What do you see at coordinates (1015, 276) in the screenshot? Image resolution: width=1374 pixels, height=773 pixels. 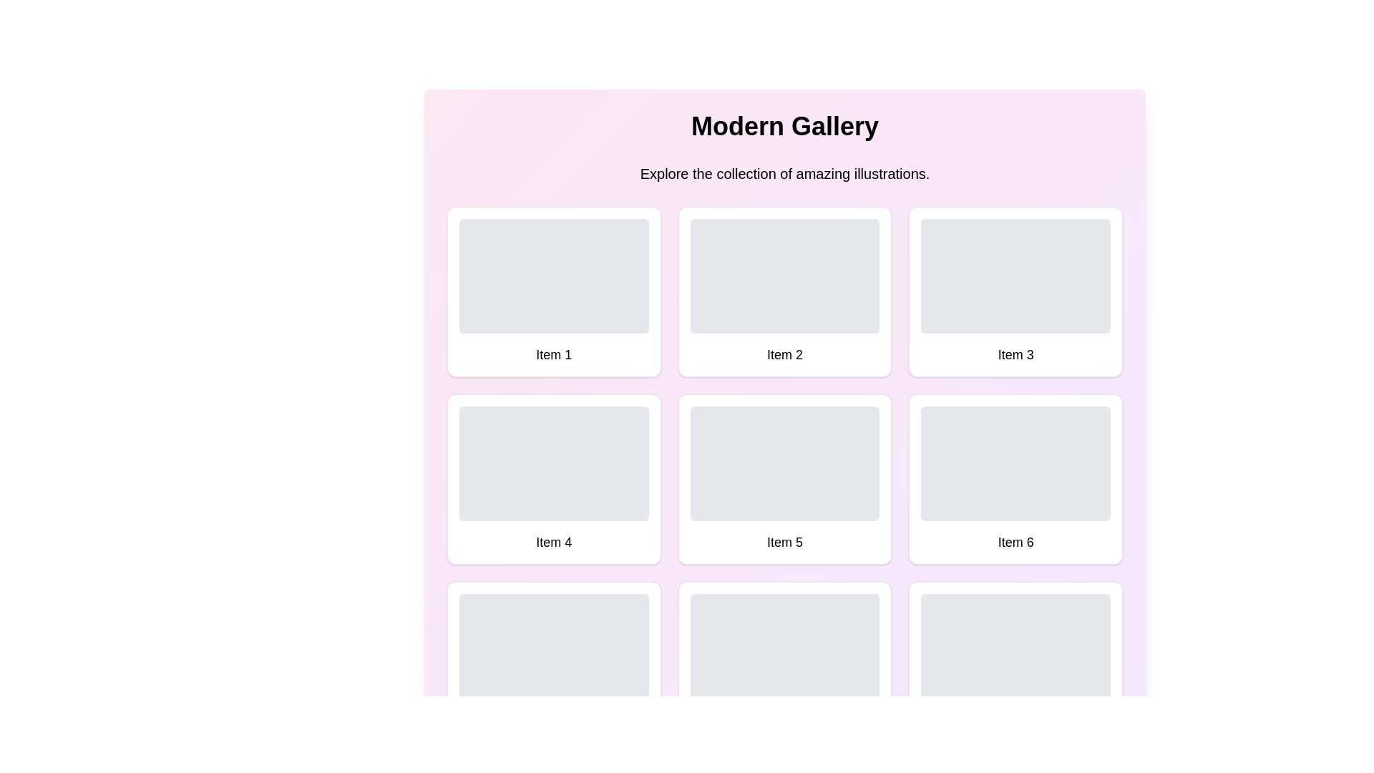 I see `the decorative placeholder located in 'Item 3' card, positioned at the rightmost end of the top row in the grid layout` at bounding box center [1015, 276].